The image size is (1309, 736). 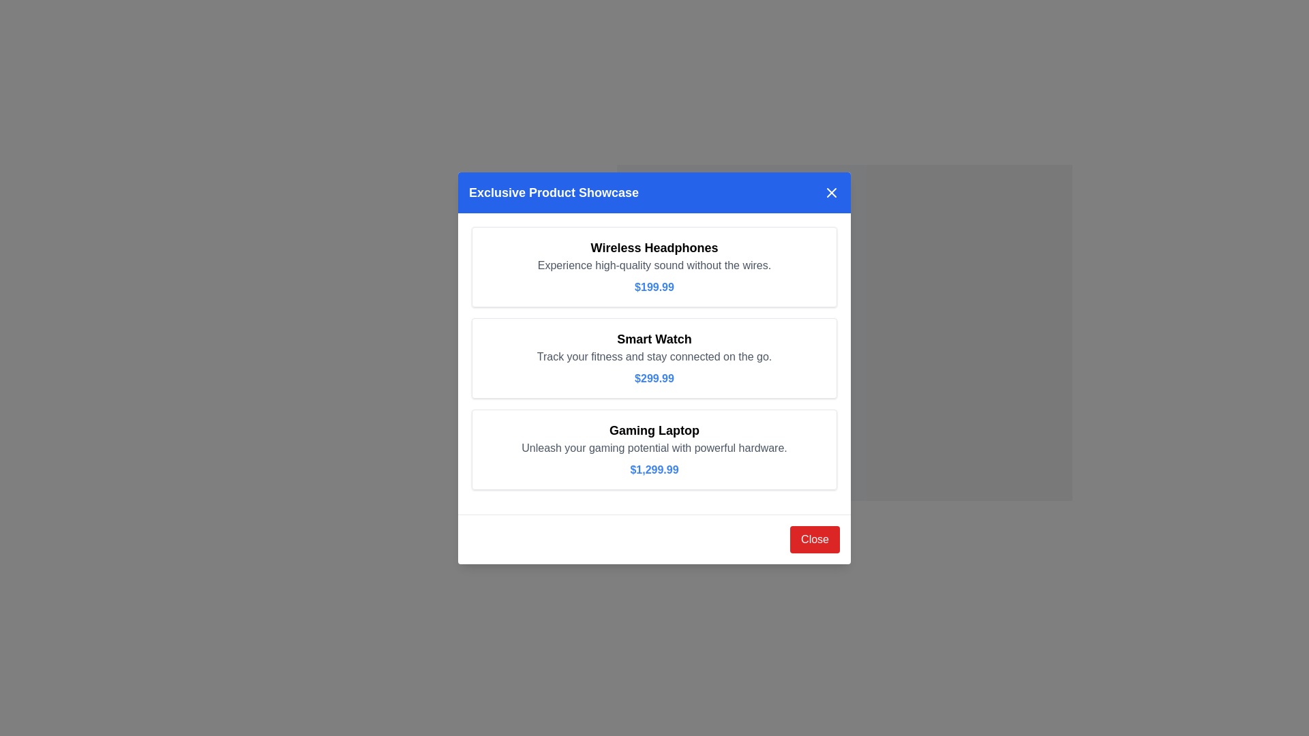 What do you see at coordinates (654, 265) in the screenshot?
I see `the text label that describes the product 'Wireless Headphones', which is positioned below the headline and above the price` at bounding box center [654, 265].